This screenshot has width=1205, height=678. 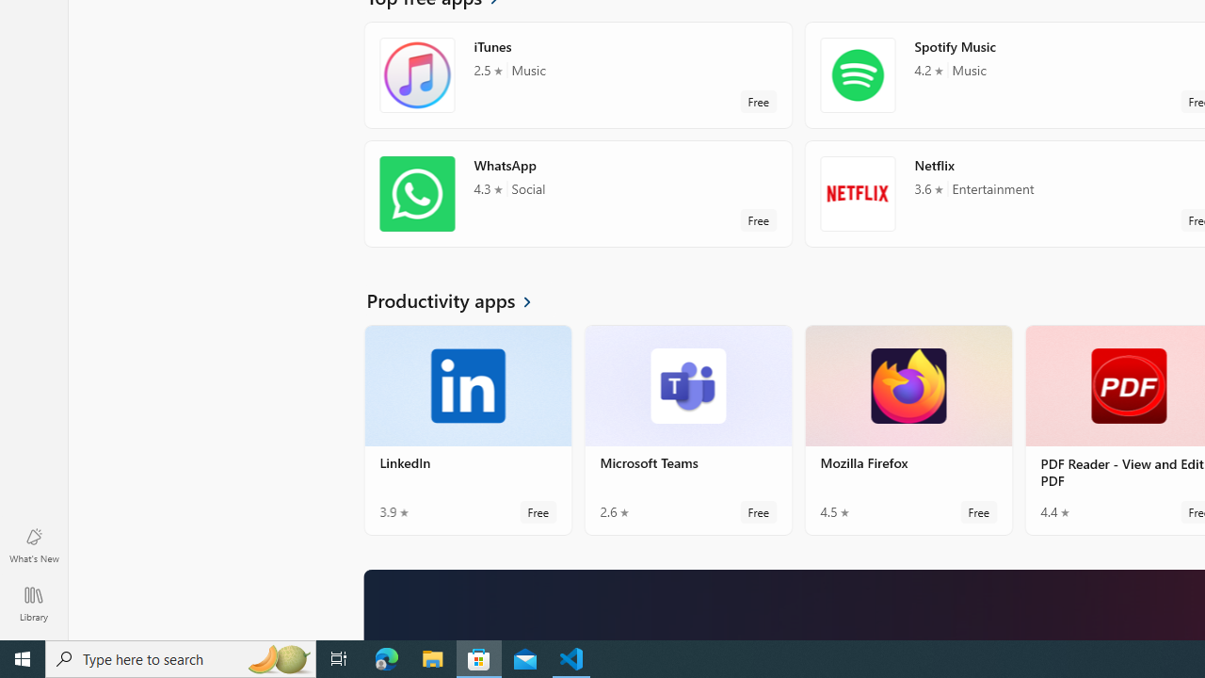 I want to click on 'LinkedIn. Average rating of 3.9 out of five stars. Free  ', so click(x=468, y=429).